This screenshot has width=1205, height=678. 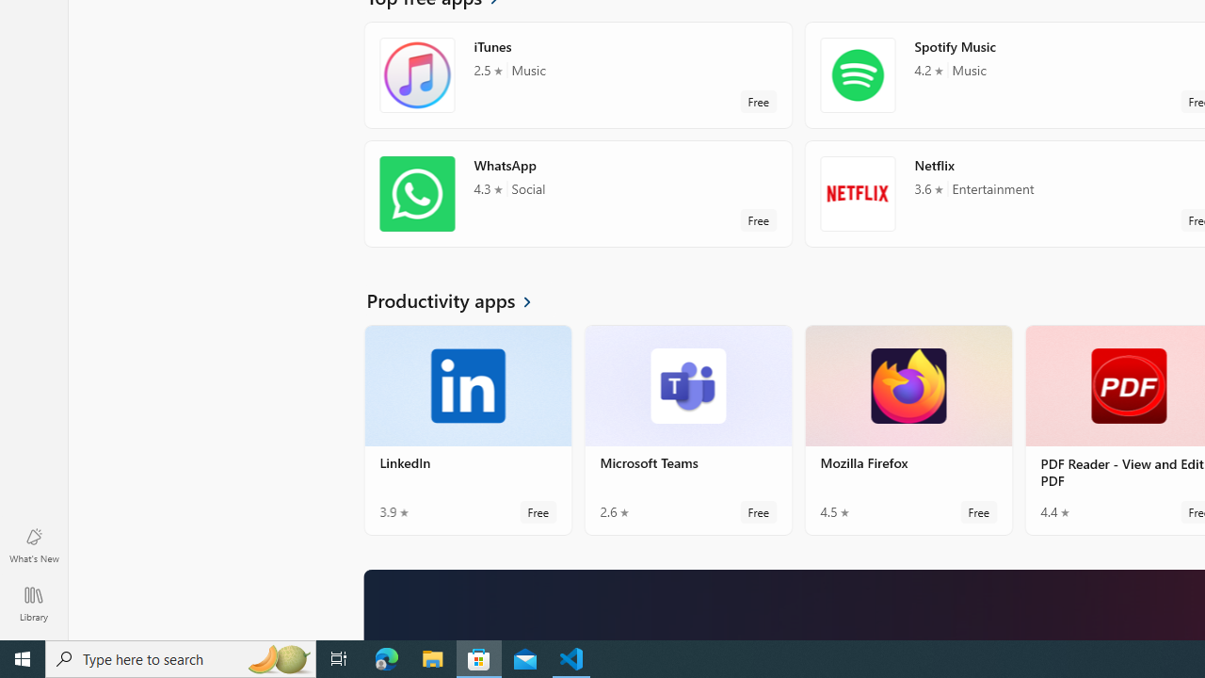 I want to click on 'LinkedIn. Average rating of 3.9 out of five stars. Free  ', so click(x=468, y=429).